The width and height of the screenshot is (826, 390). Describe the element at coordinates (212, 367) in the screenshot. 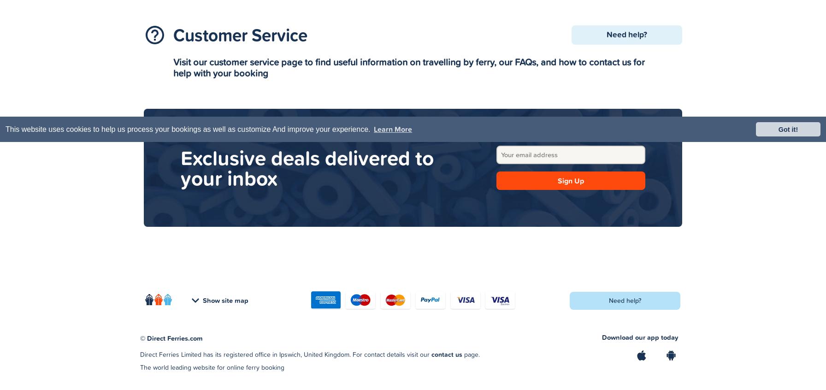

I see `'The world leading website for online ferry booking'` at that location.